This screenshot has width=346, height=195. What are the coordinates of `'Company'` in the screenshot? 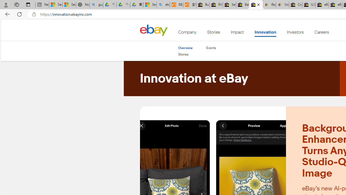 It's located at (187, 33).